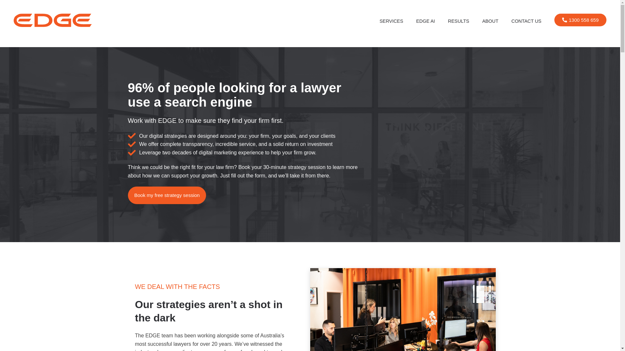 Image resolution: width=625 pixels, height=351 pixels. What do you see at coordinates (490, 21) in the screenshot?
I see `'ABOUT'` at bounding box center [490, 21].